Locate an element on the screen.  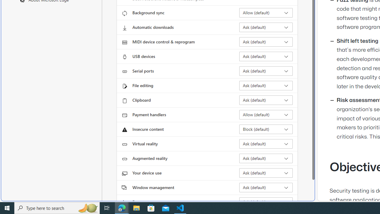
'MIDI device control & reprogram Ask (default)' is located at coordinates (266, 42).